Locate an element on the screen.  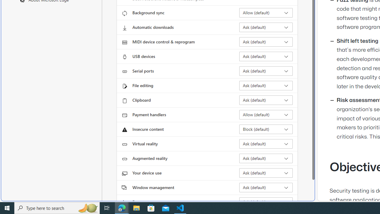
'MIDI device control & reprogram Ask (default)' is located at coordinates (266, 42).